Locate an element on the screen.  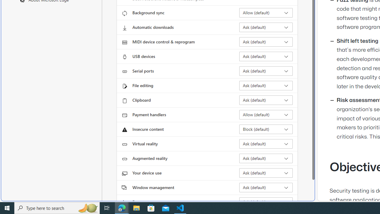
'MIDI device control & reprogram Ask (default)' is located at coordinates (266, 42).